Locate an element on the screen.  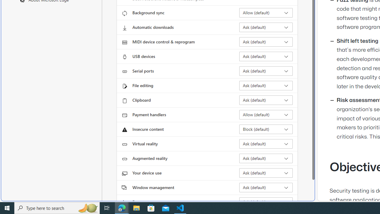
'MIDI device control & reprogram Ask (default)' is located at coordinates (266, 42).